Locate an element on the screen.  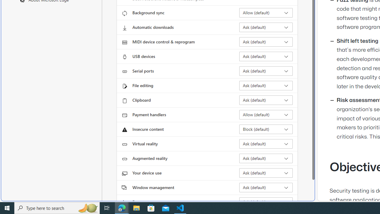
'MIDI device control & reprogram Ask (default)' is located at coordinates (266, 42).